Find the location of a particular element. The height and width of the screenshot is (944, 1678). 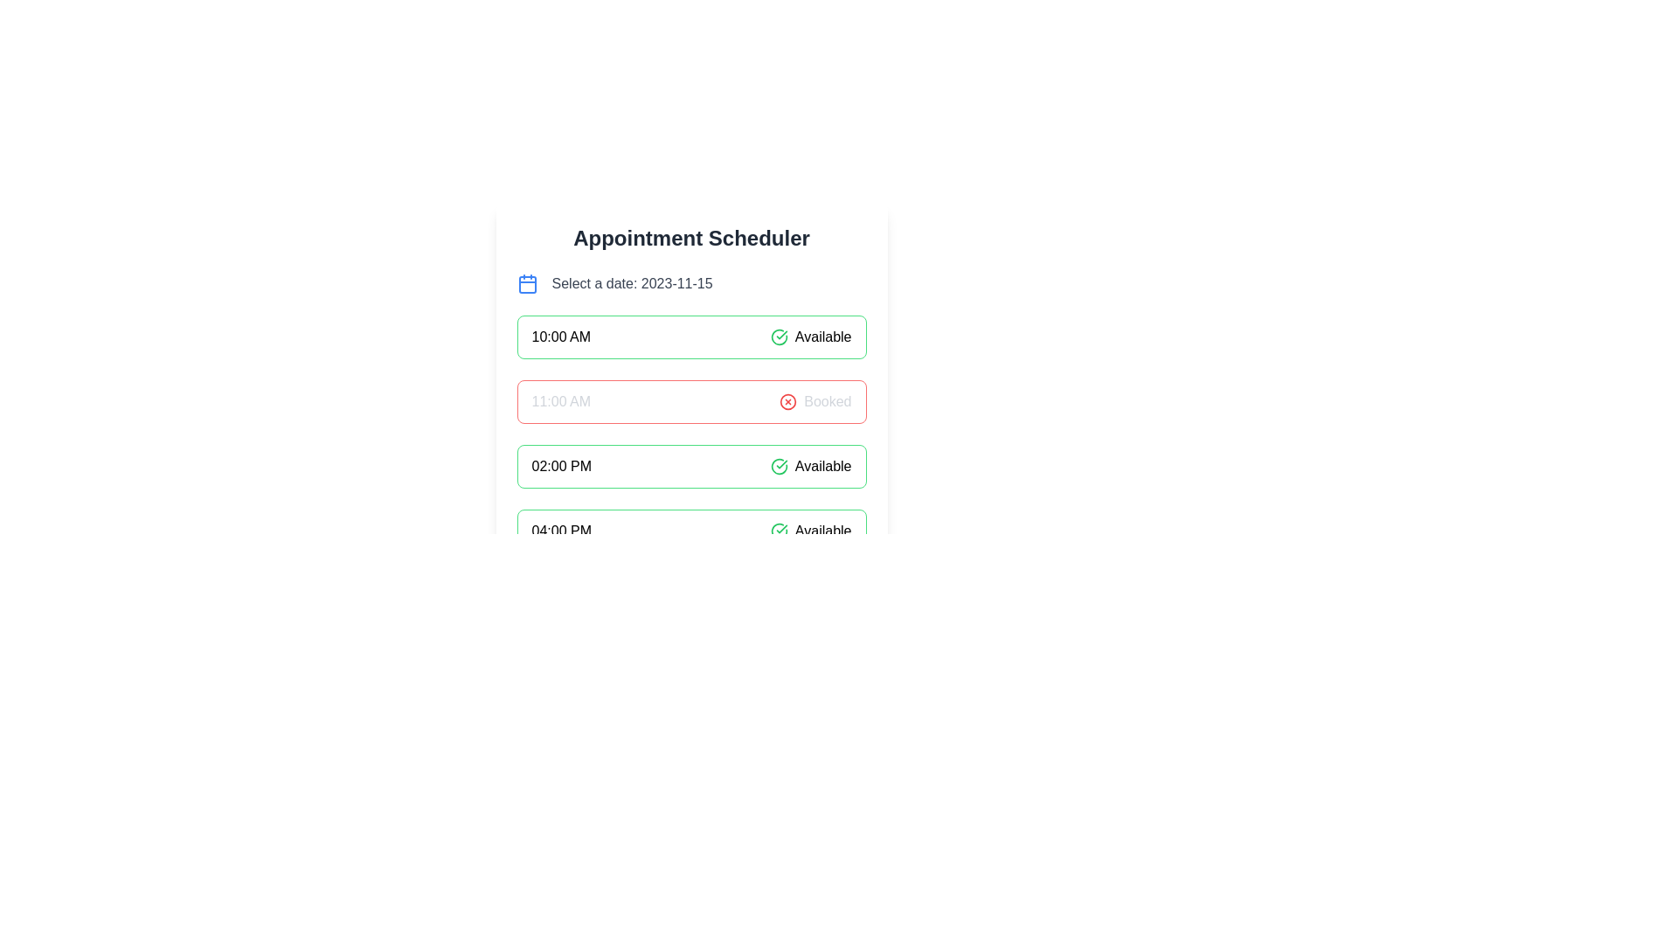

the text label that displays the currently selected date in the appointment scheduler, which is located to the right of the 'Select a date' label is located at coordinates (676, 282).